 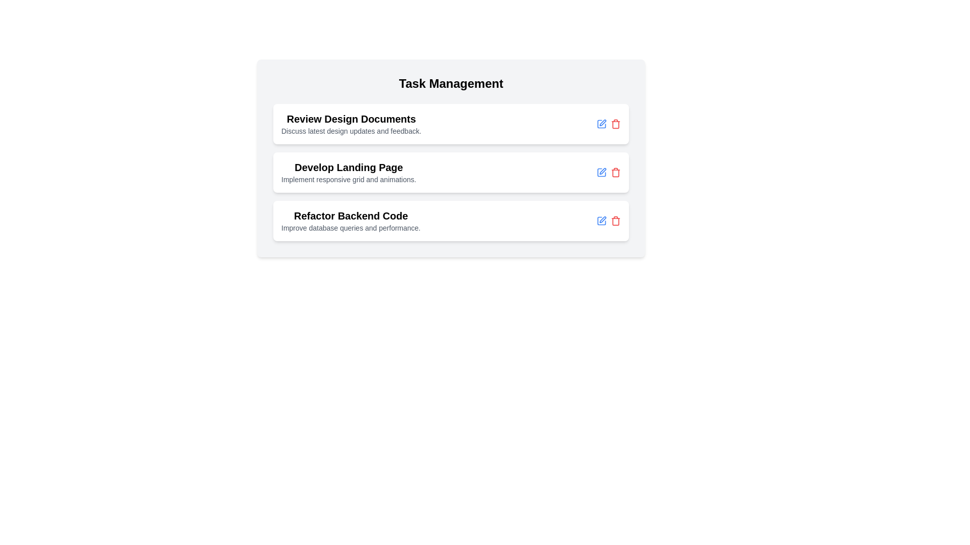 I want to click on the static informational text label located directly below the title 'Review Design Documents' in the 'Task Management' interface, so click(x=351, y=130).